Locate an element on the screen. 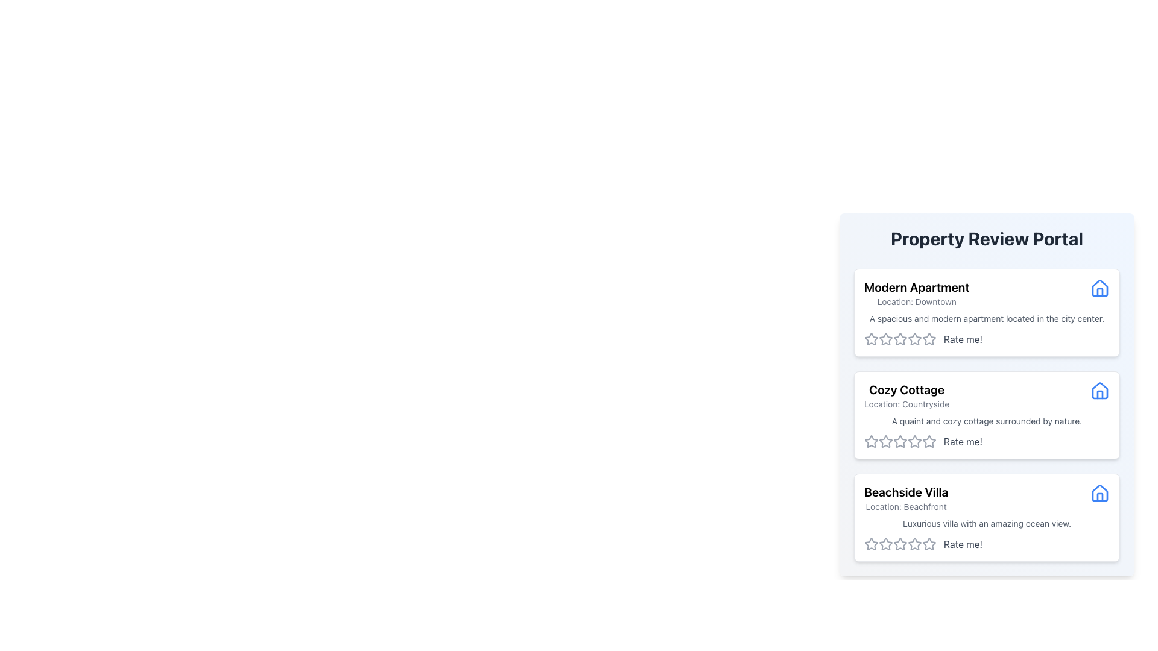 Image resolution: width=1158 pixels, height=651 pixels. the Text Label that provides additional descriptive details about the property being reviewed, located below the title 'Modern Apartment' and its subline 'Location: Downtown.' is located at coordinates (987, 318).